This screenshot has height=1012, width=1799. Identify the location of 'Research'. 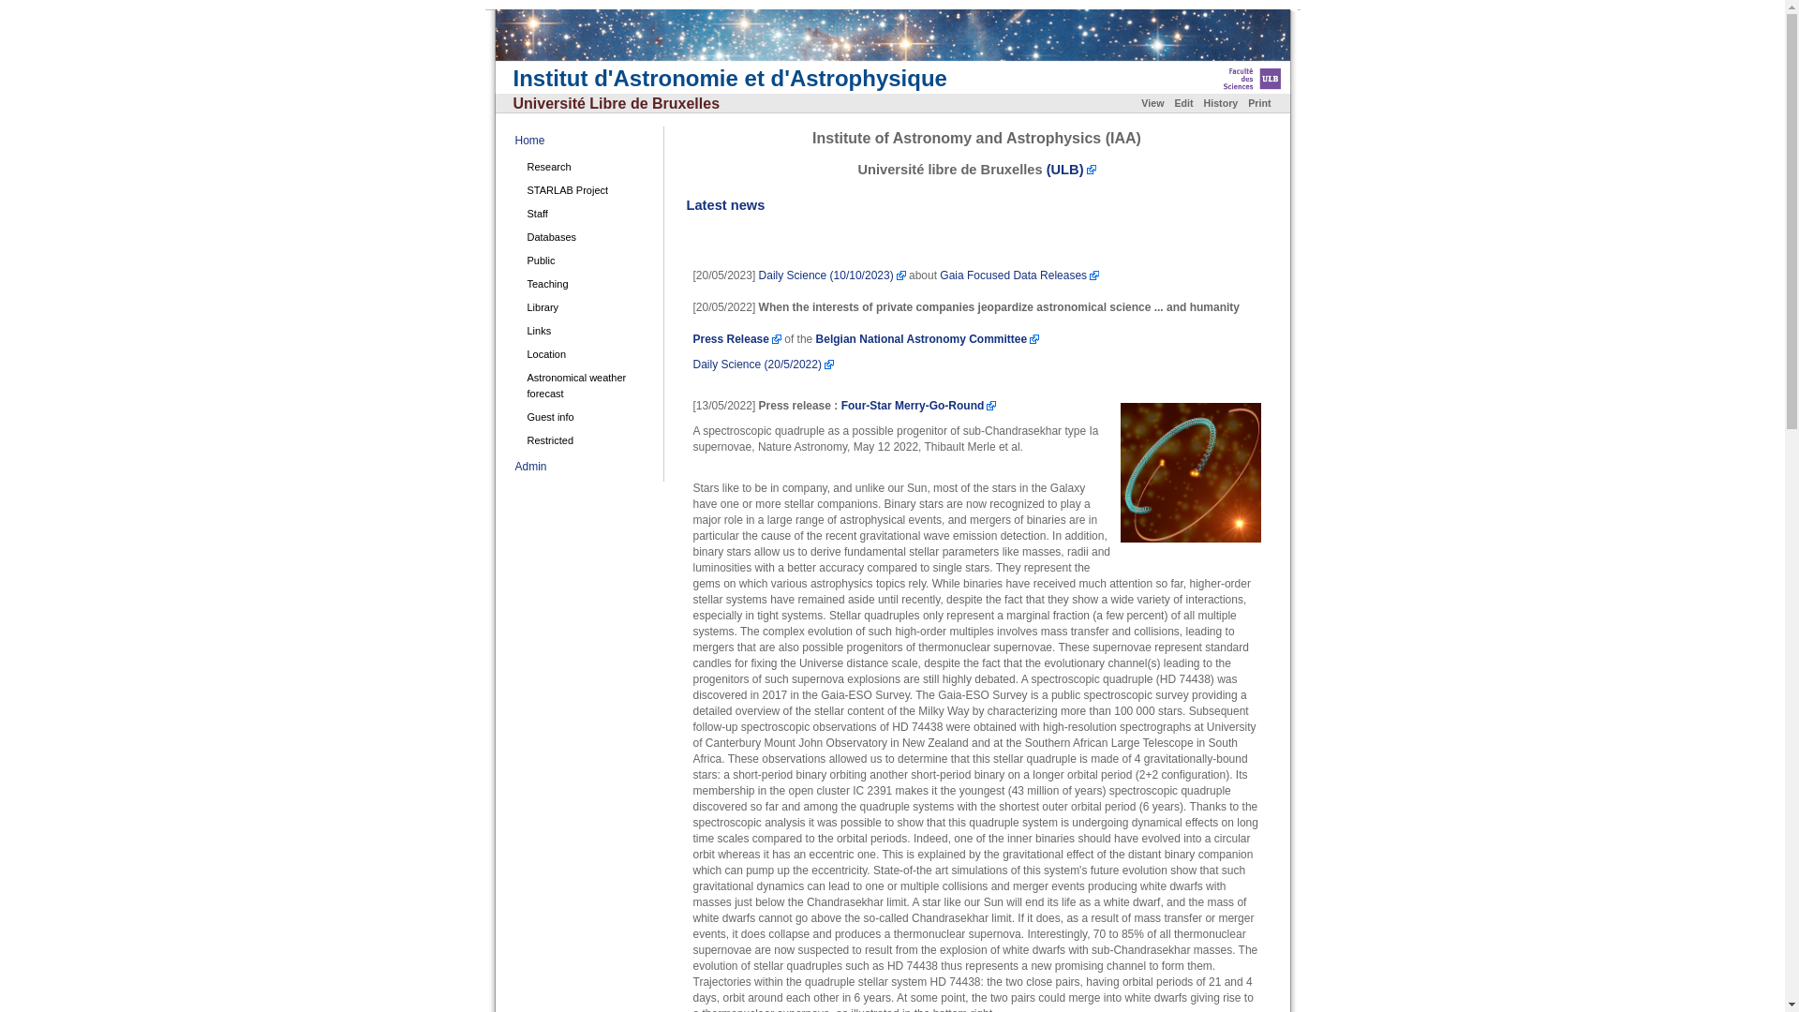
(587, 166).